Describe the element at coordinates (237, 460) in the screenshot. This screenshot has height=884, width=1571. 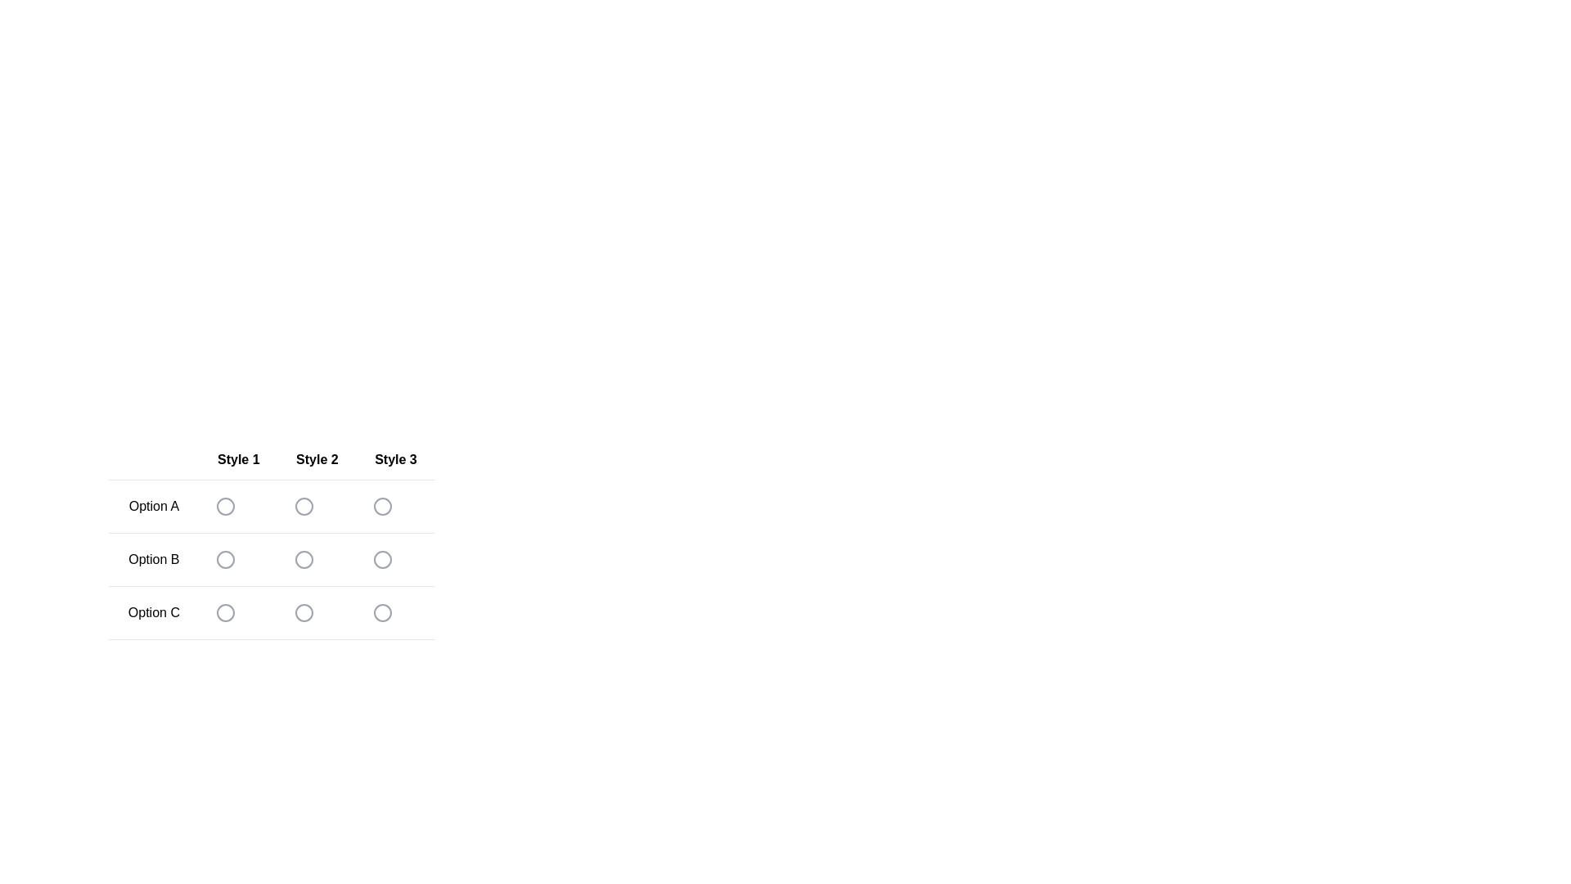
I see `the static text label 'Style 1', which is the leftmost option in a group of three styled in bold, black font` at that location.